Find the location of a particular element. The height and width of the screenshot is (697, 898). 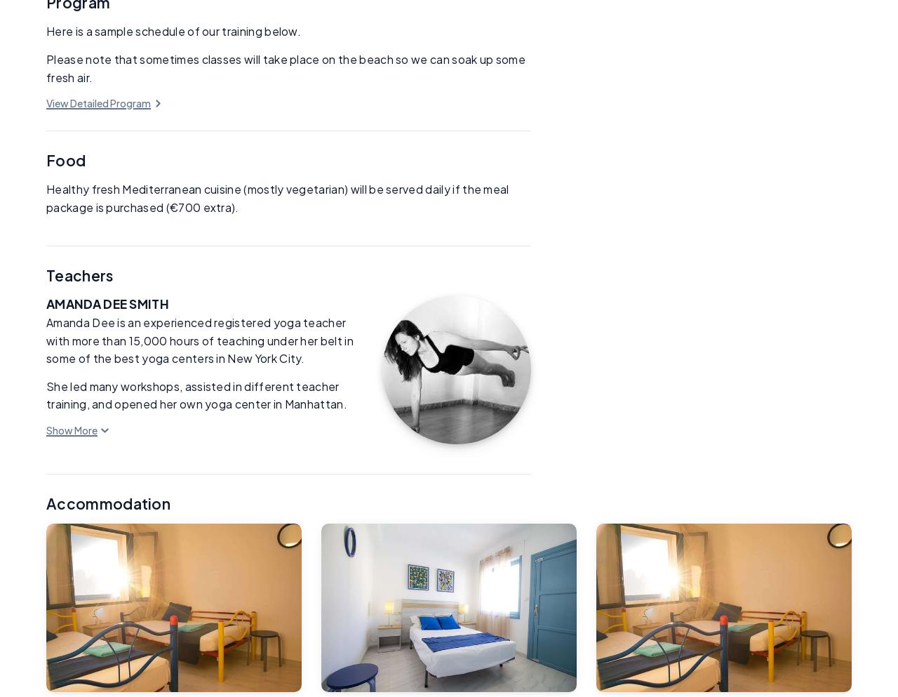

'Here is a sample schedule of our training below.' is located at coordinates (46, 31).